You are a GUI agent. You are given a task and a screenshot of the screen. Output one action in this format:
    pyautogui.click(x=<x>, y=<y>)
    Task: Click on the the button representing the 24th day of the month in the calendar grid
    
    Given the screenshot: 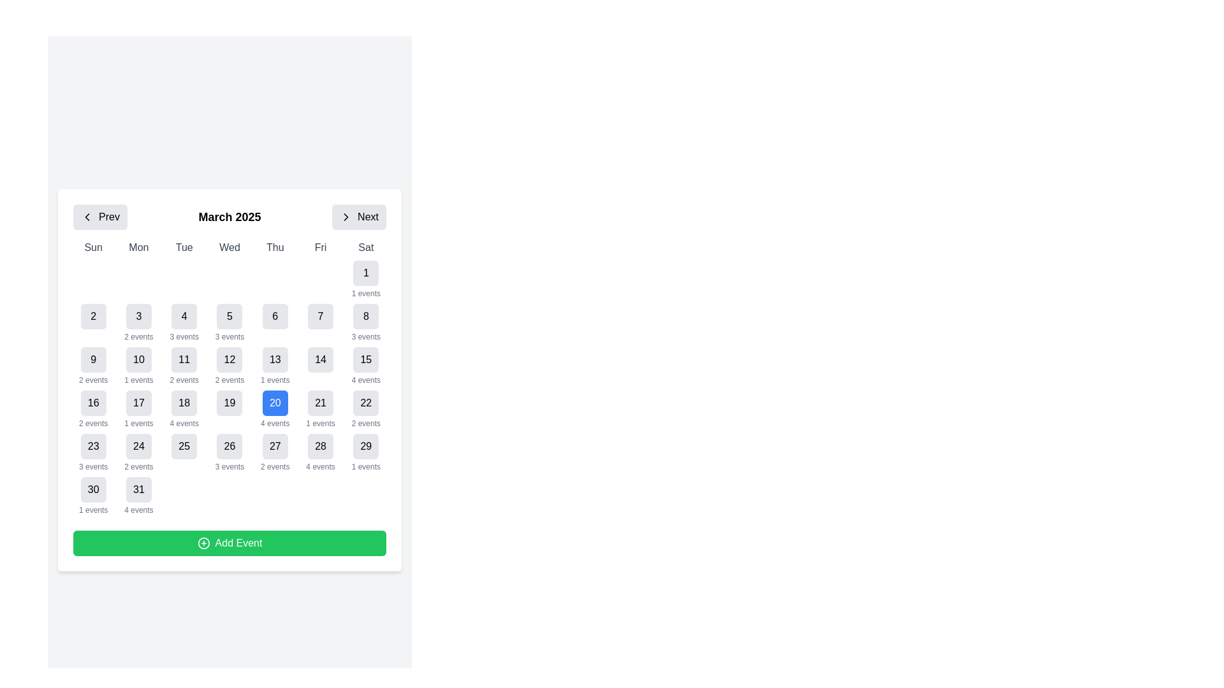 What is the action you would take?
    pyautogui.click(x=138, y=446)
    